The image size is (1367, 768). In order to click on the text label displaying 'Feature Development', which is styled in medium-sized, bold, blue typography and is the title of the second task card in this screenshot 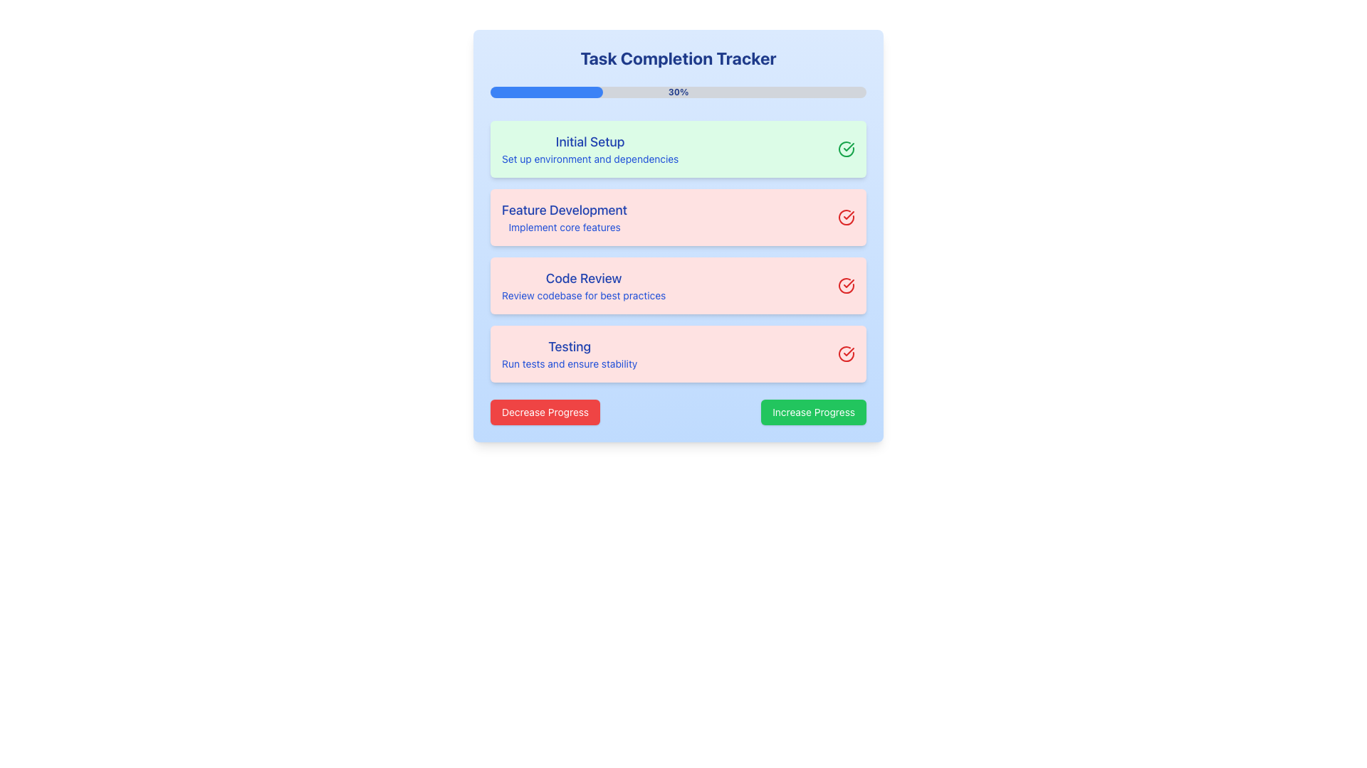, I will do `click(564, 210)`.